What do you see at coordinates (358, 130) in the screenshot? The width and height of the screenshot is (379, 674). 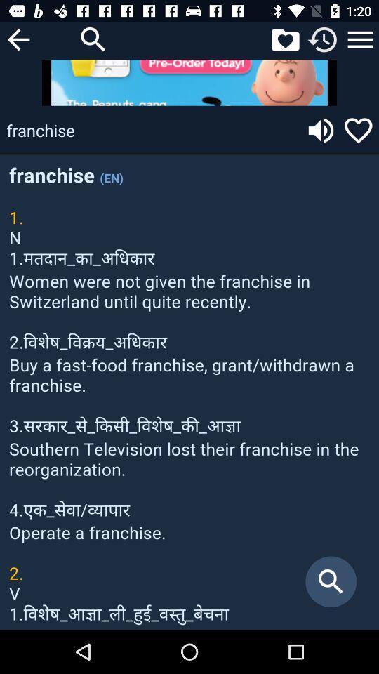 I see `like` at bounding box center [358, 130].